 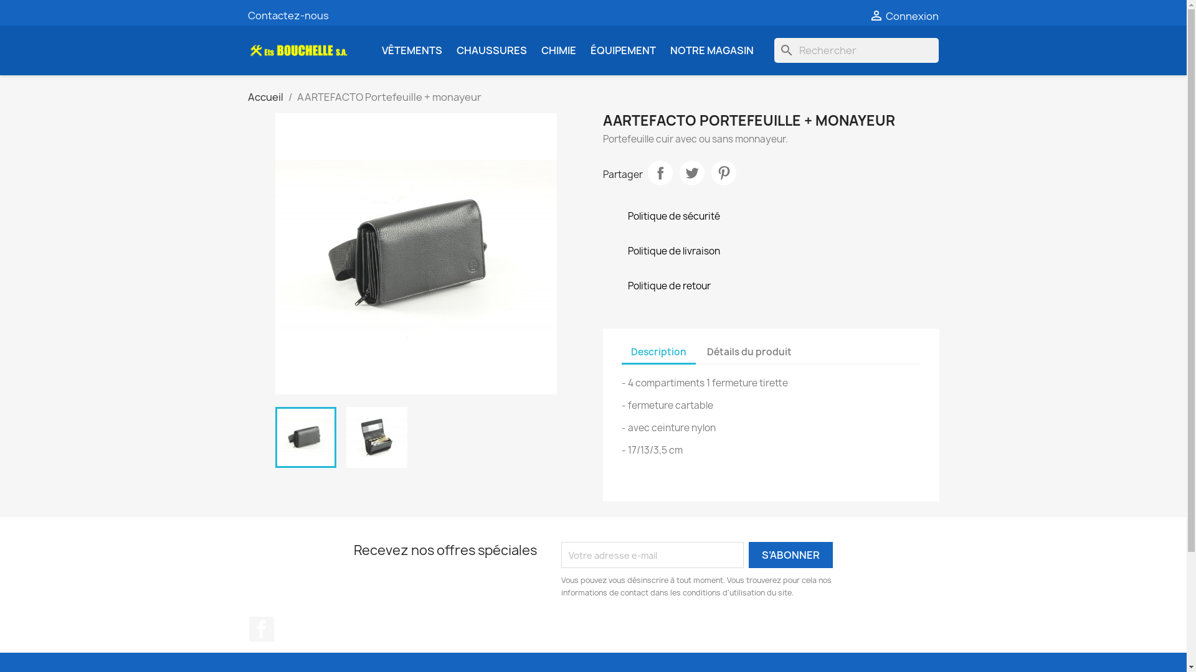 What do you see at coordinates (690, 172) in the screenshot?
I see `'Tweet'` at bounding box center [690, 172].